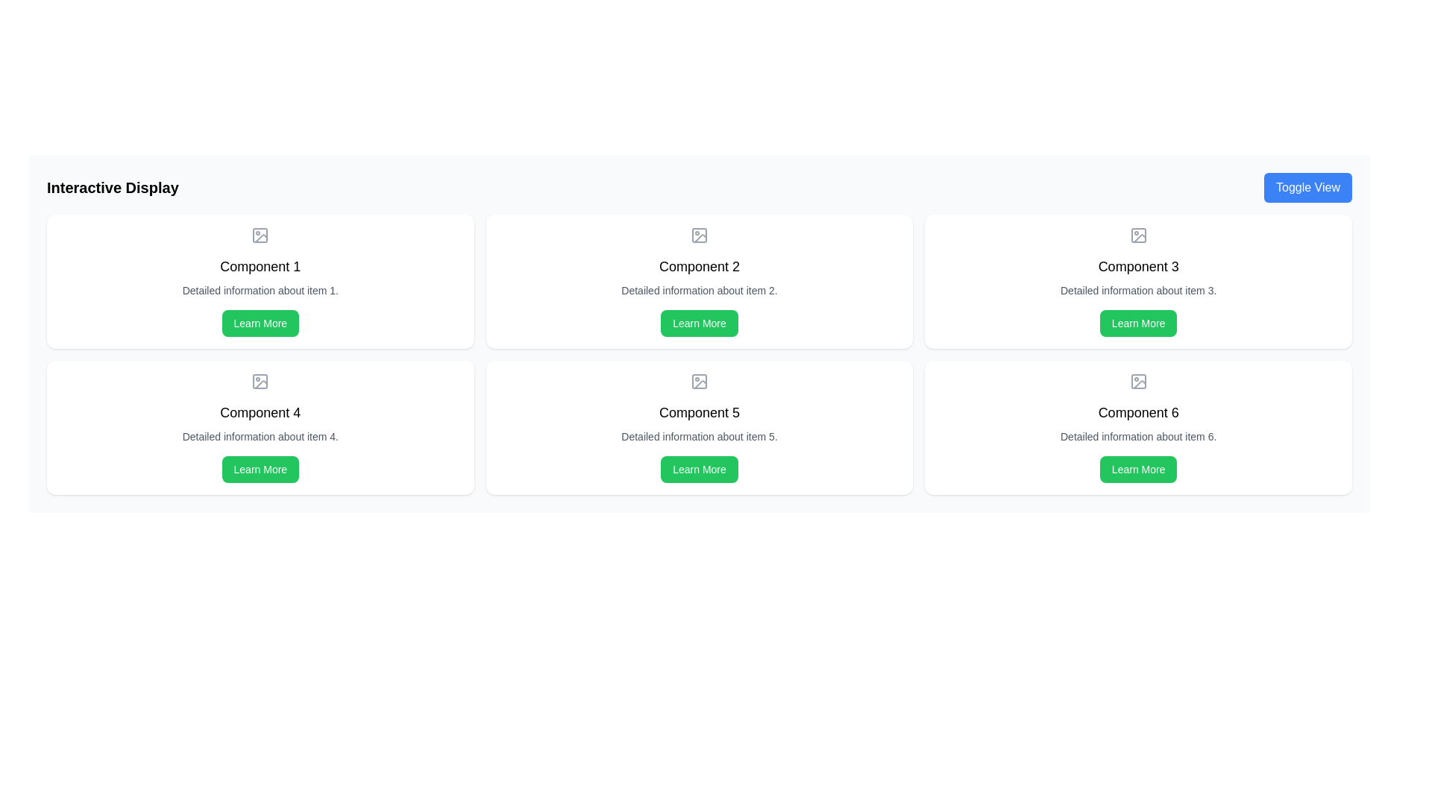 The image size is (1432, 805). Describe the element at coordinates (1307, 186) in the screenshot. I see `the button located at the top-right corner of the 'Interactive Display' section` at that location.